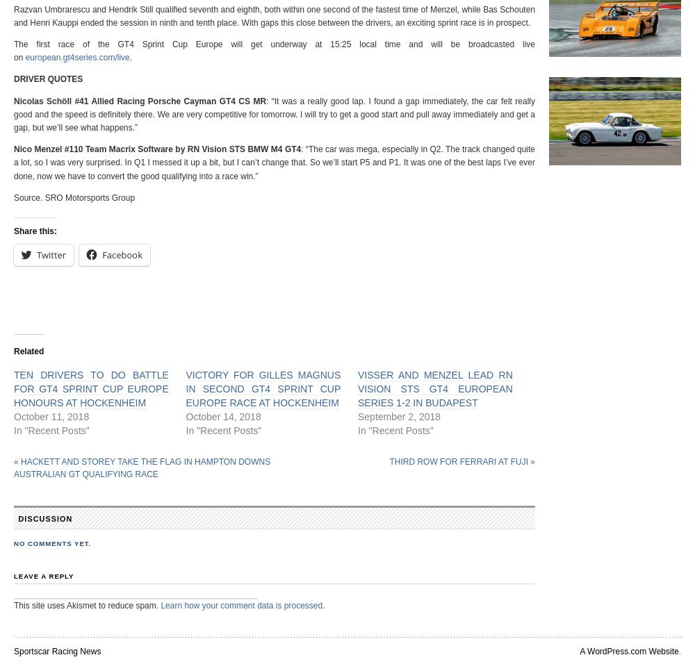  I want to click on 'THIRD ROW FOR FERRARI AT FUJI', so click(459, 461).